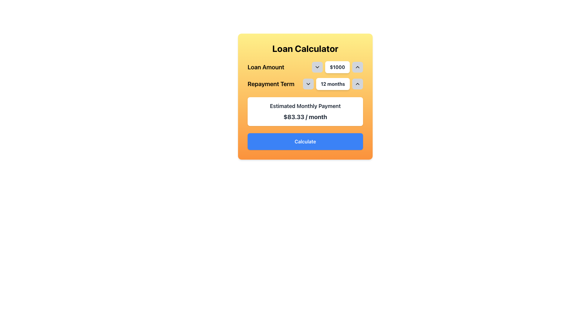 This screenshot has height=324, width=577. Describe the element at coordinates (332, 84) in the screenshot. I see `the Static Label displaying '12 months', which is styled with a bold font, gray text, and is positioned to the right of the 'Repayment Term' dropdown label` at that location.